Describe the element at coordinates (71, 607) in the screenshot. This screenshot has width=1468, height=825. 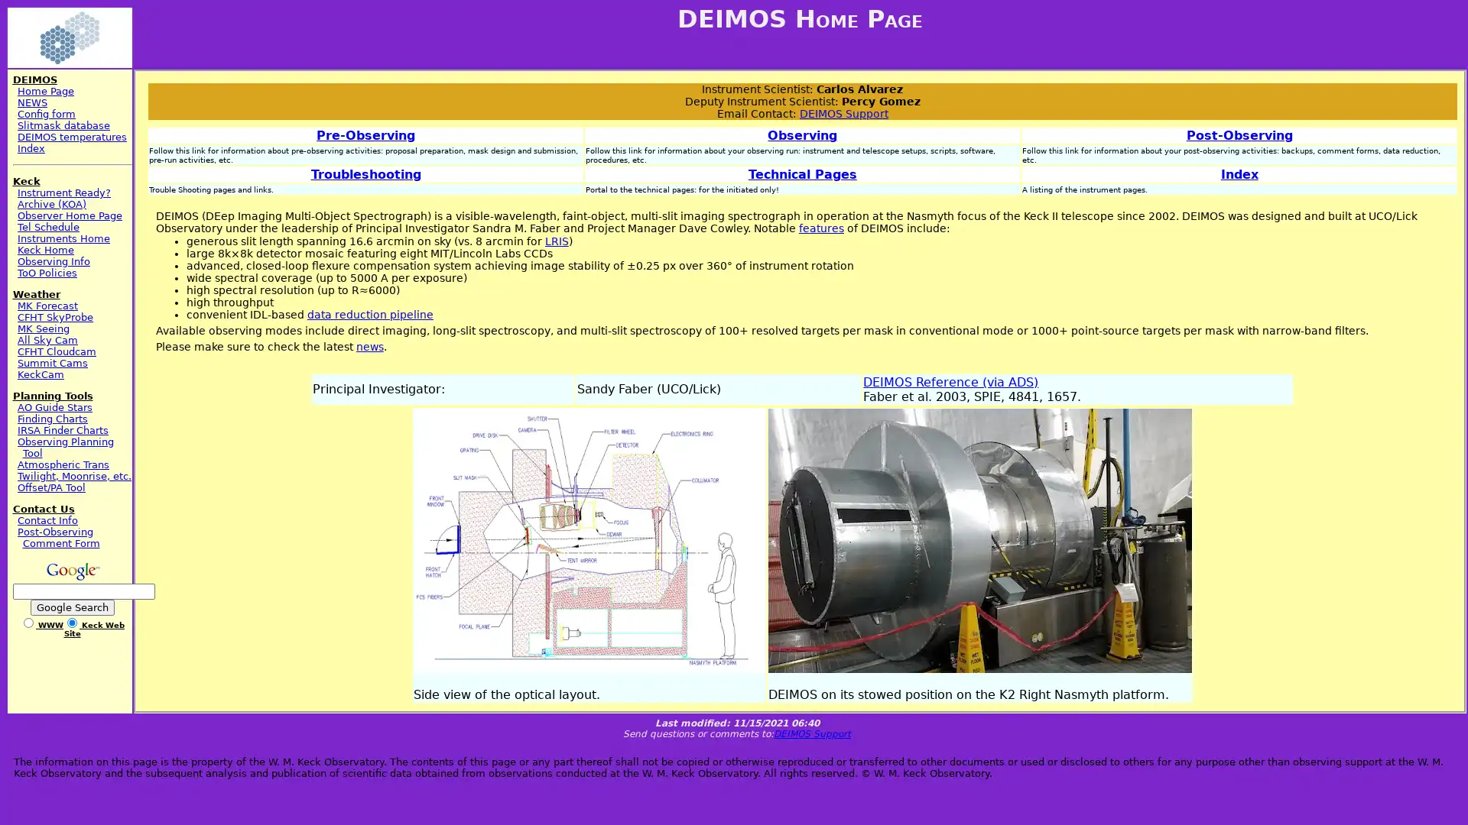
I see `Google Search` at that location.